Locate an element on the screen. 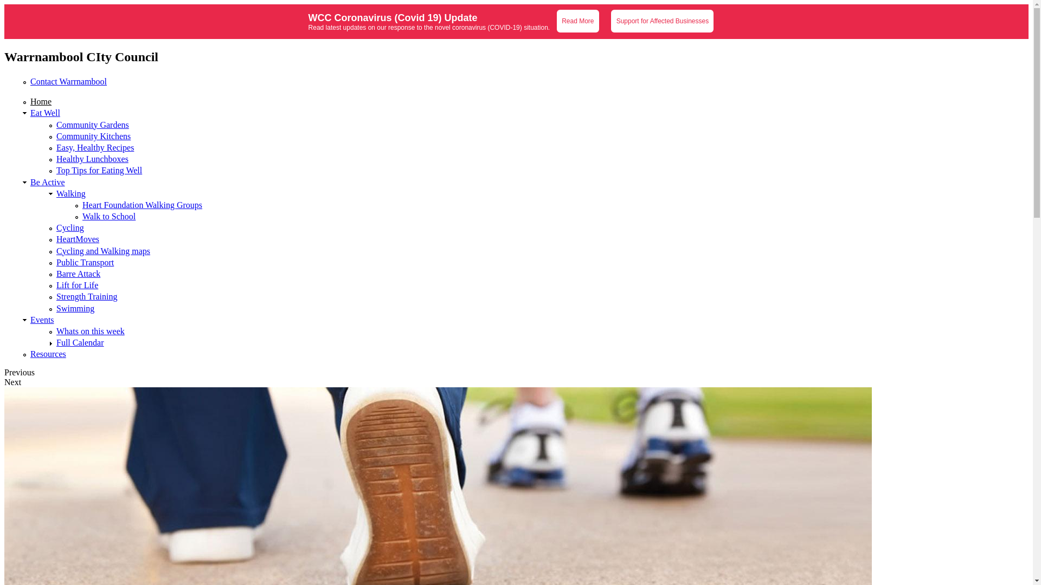 Image resolution: width=1041 pixels, height=585 pixels. 'Lift for Life' is located at coordinates (76, 284).